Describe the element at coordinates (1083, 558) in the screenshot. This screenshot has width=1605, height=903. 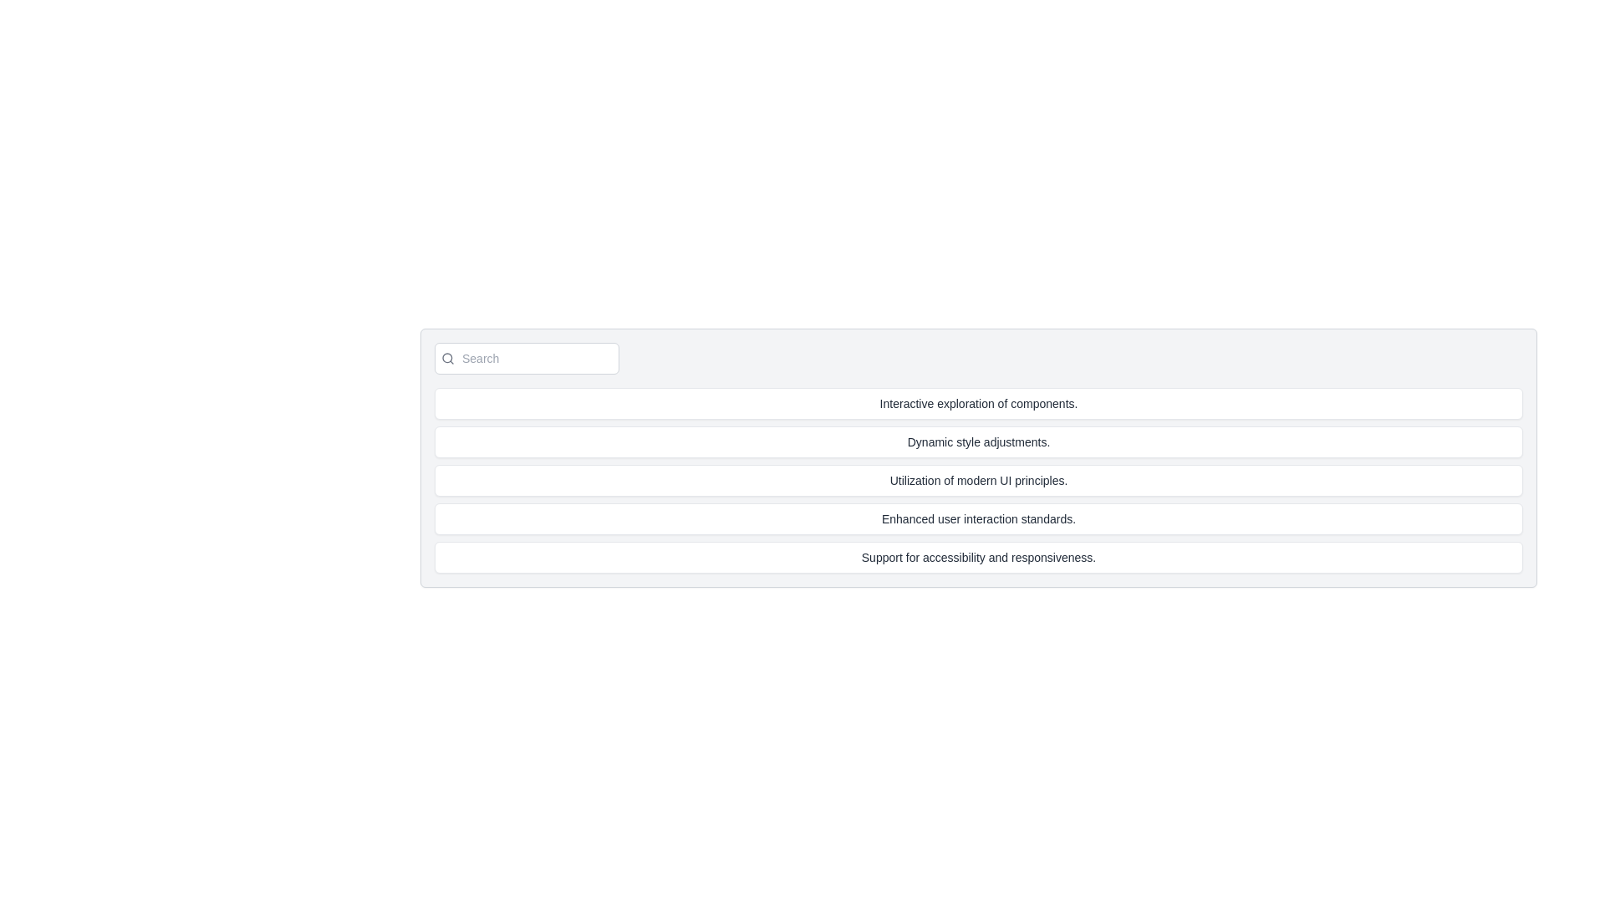
I see `the lowercase letter 's' at the end of the last line of a list, which follows the word 'responsiveness.'` at that location.